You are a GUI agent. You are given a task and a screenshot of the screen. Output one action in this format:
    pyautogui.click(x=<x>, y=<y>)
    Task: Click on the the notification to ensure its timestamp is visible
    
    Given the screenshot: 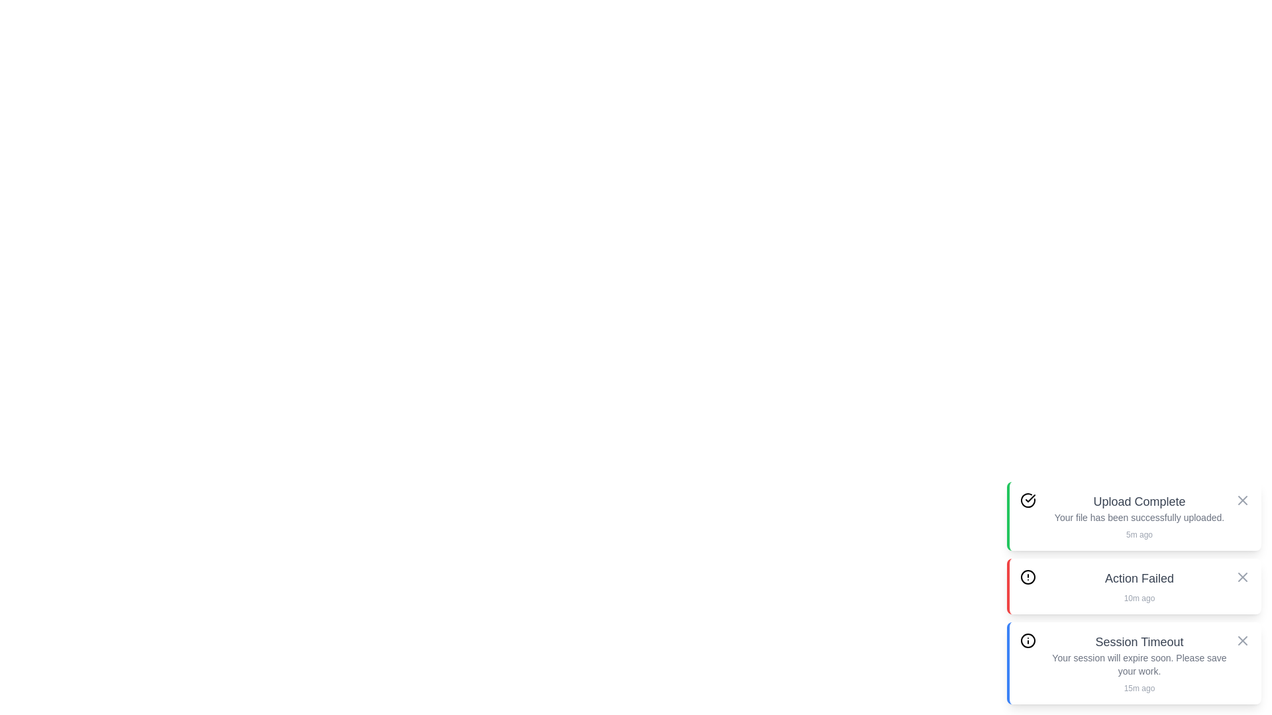 What is the action you would take?
    pyautogui.click(x=1134, y=592)
    